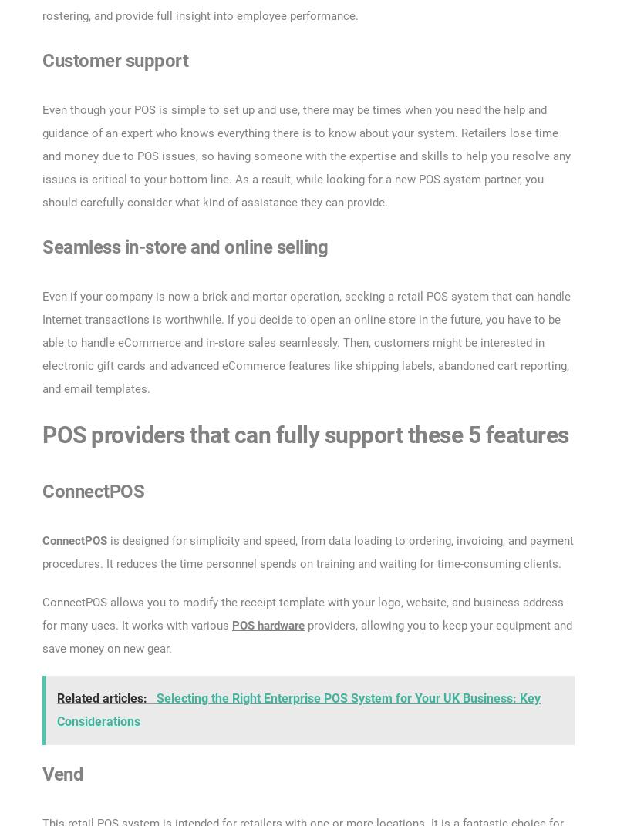  I want to click on 'POS hardware', so click(231, 623).